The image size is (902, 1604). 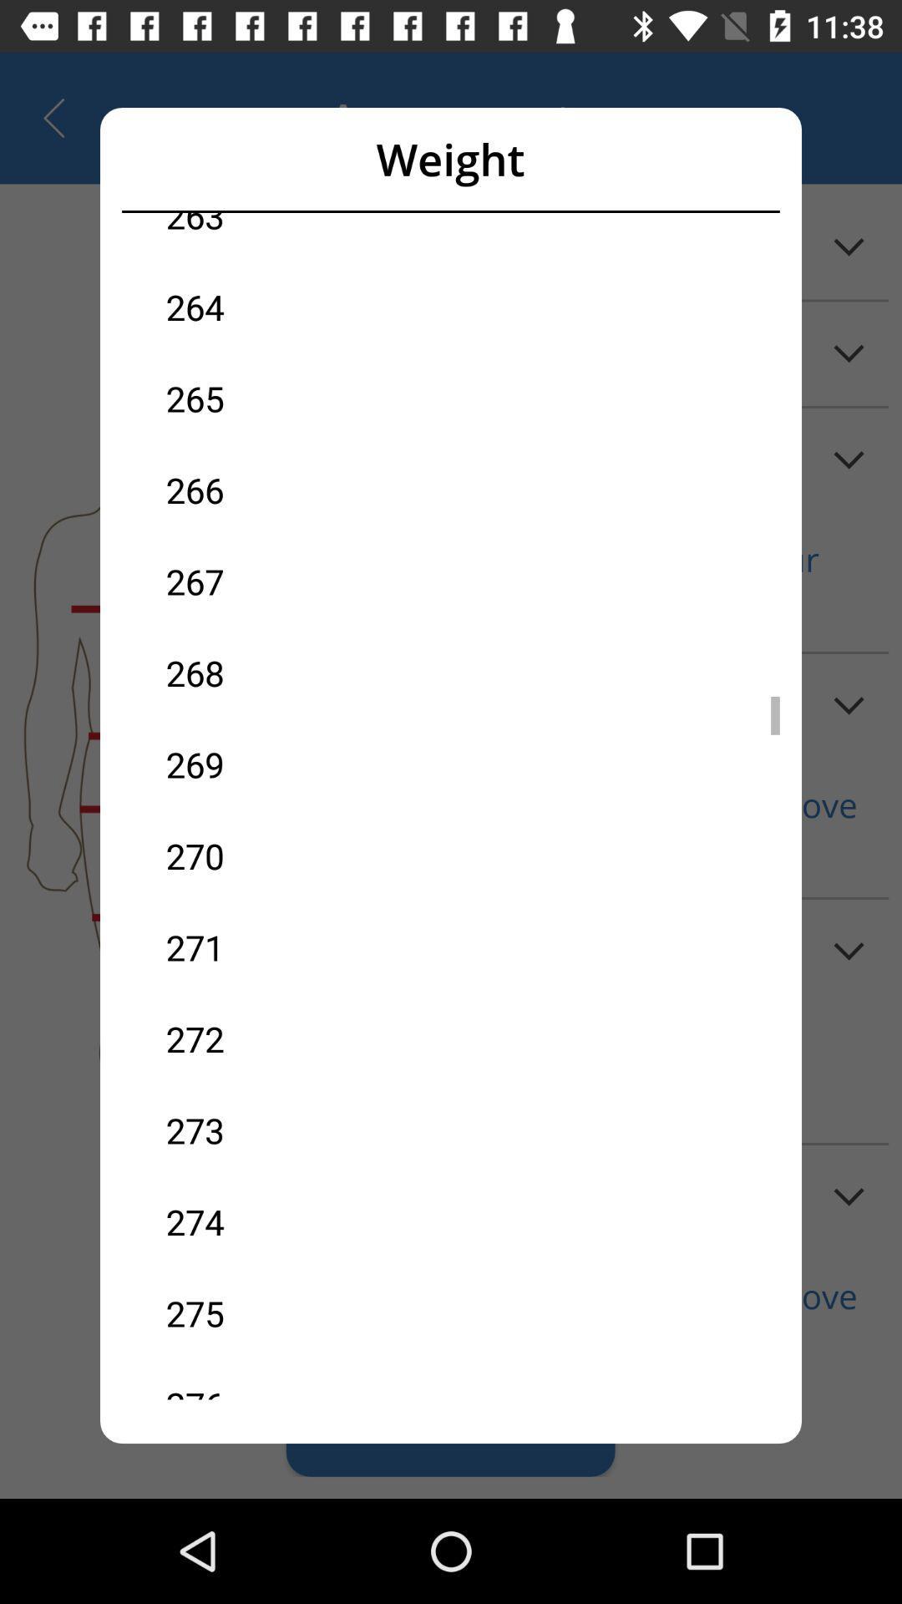 I want to click on the icon above 270 icon, so click(x=308, y=764).